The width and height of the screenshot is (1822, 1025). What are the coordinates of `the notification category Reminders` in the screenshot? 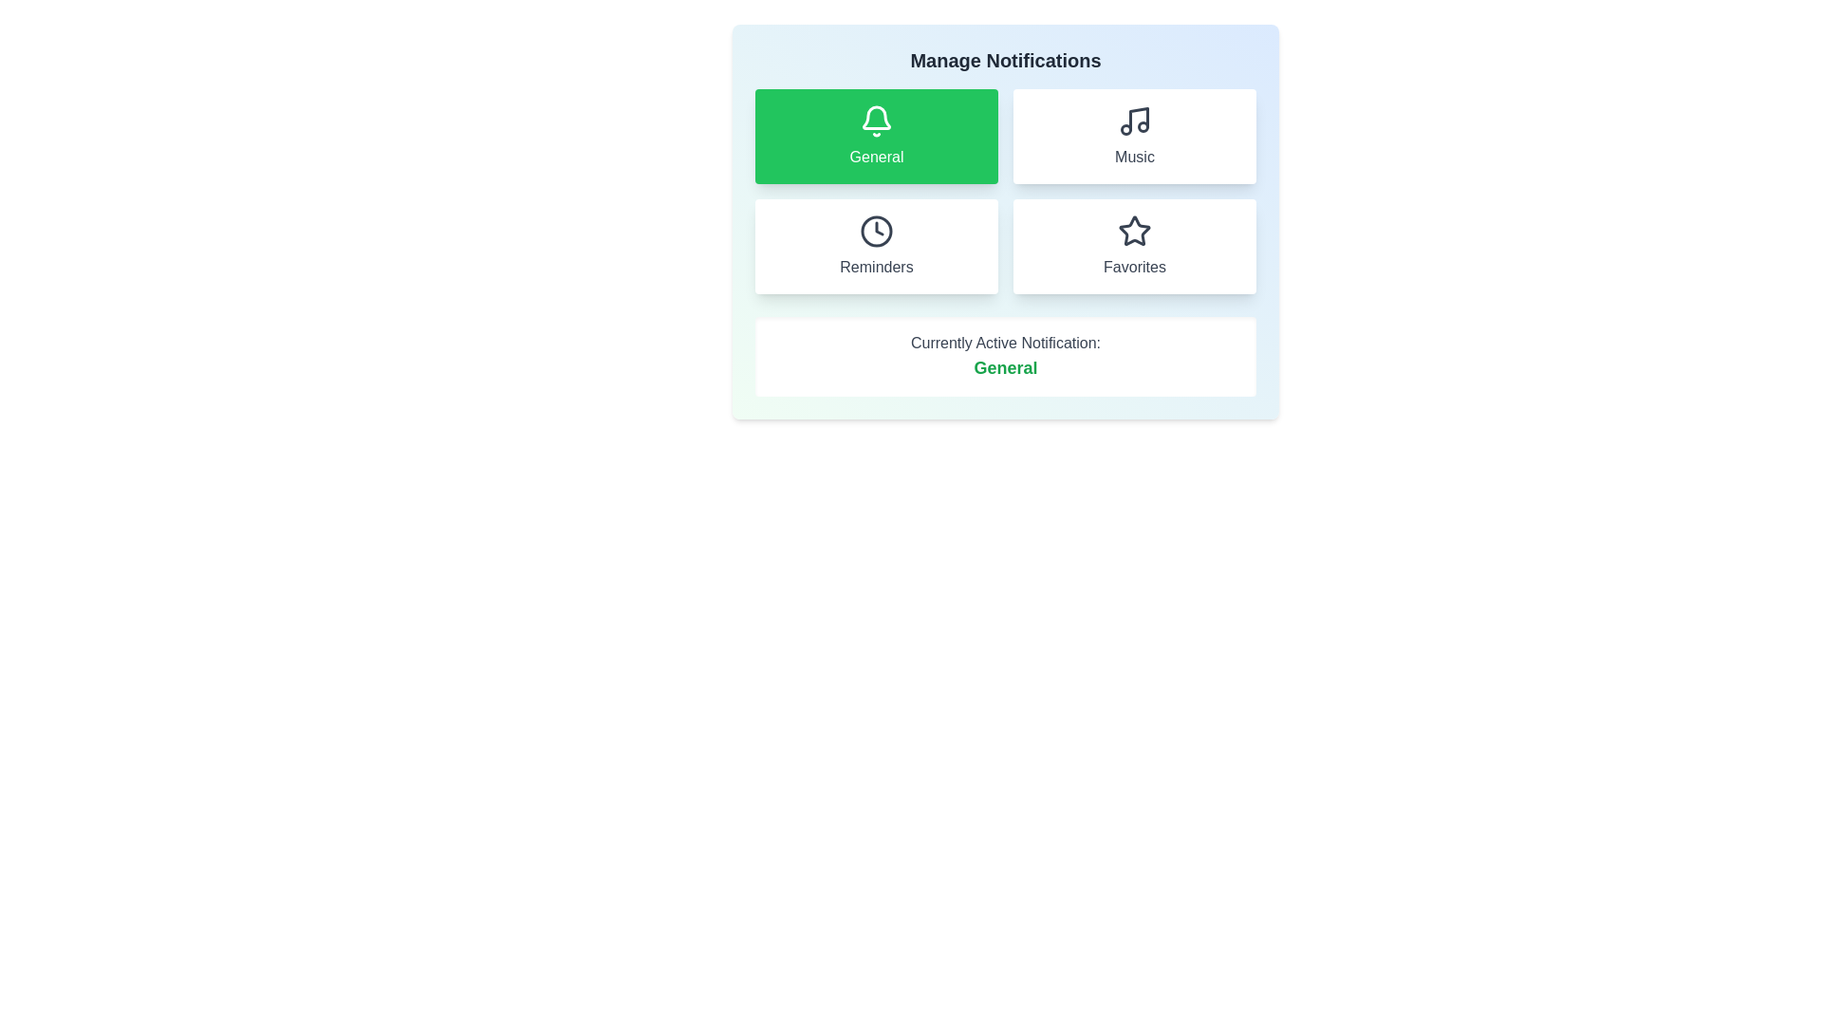 It's located at (876, 245).